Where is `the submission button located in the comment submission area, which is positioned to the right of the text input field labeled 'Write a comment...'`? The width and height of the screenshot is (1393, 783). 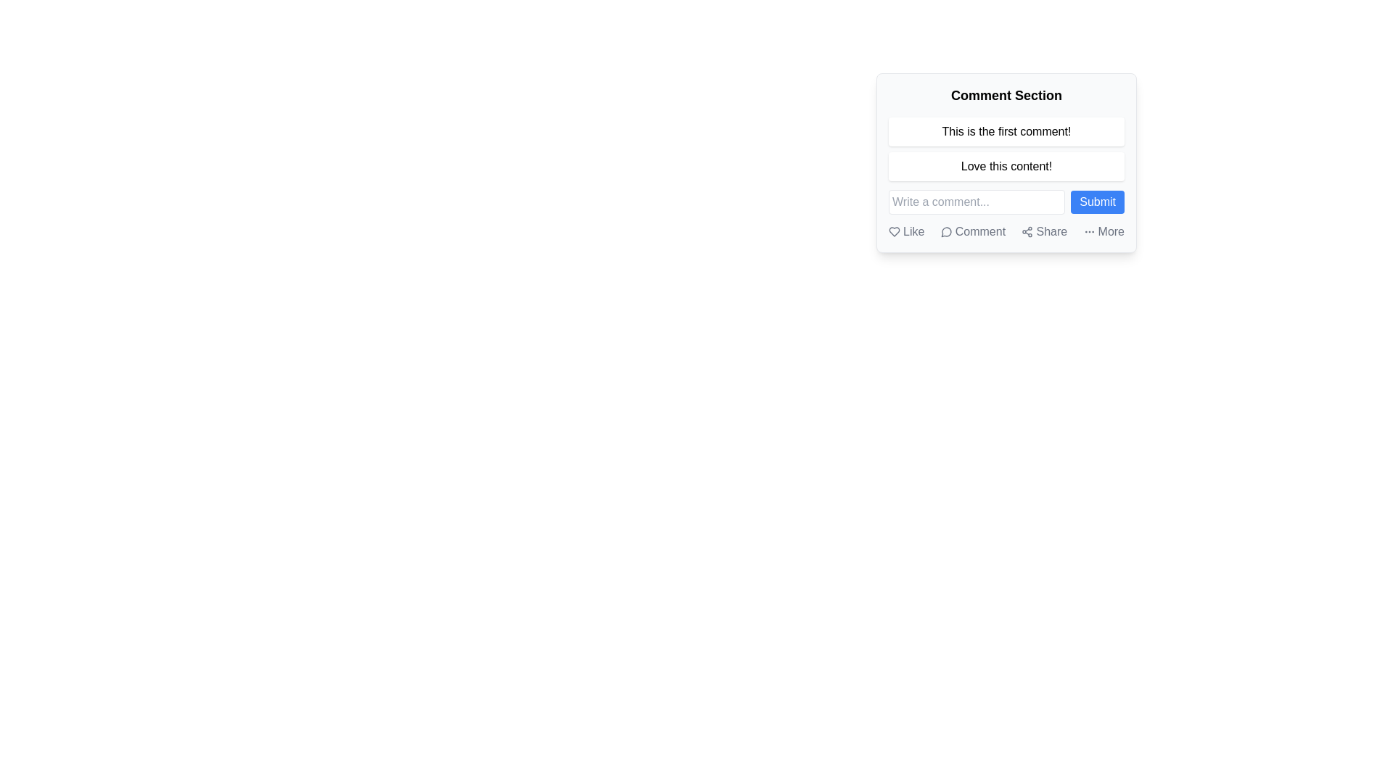
the submission button located in the comment submission area, which is positioned to the right of the text input field labeled 'Write a comment...' is located at coordinates (1098, 202).